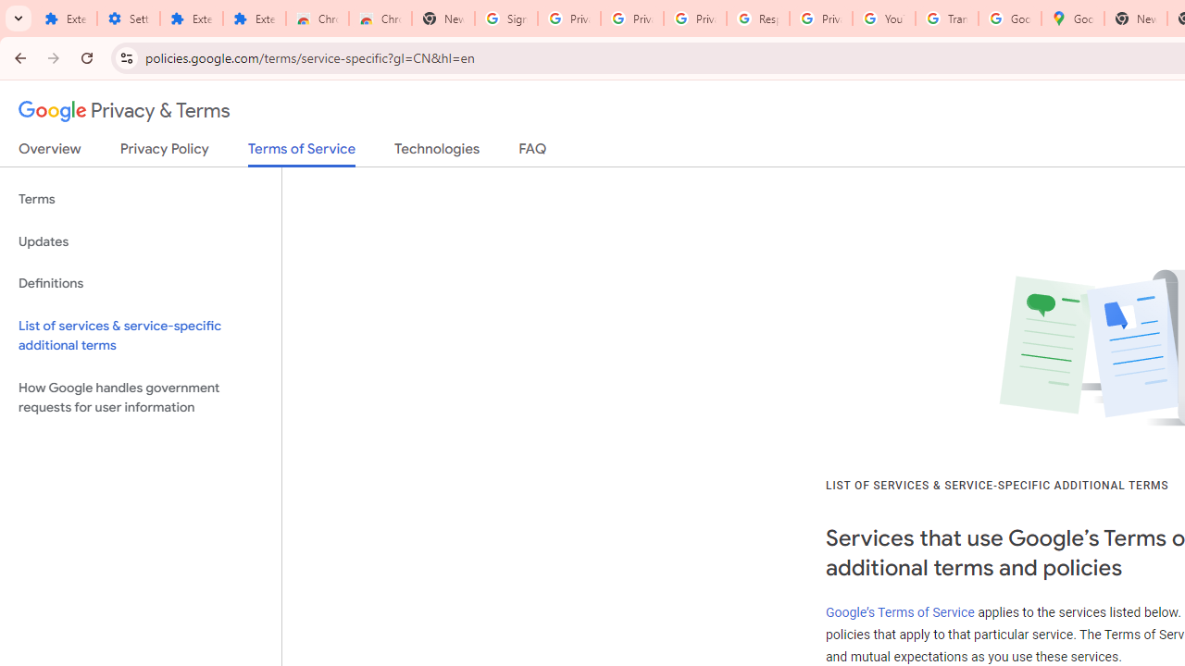 The height and width of the screenshot is (666, 1185). I want to click on 'Chrome Web Store - Themes', so click(380, 18).